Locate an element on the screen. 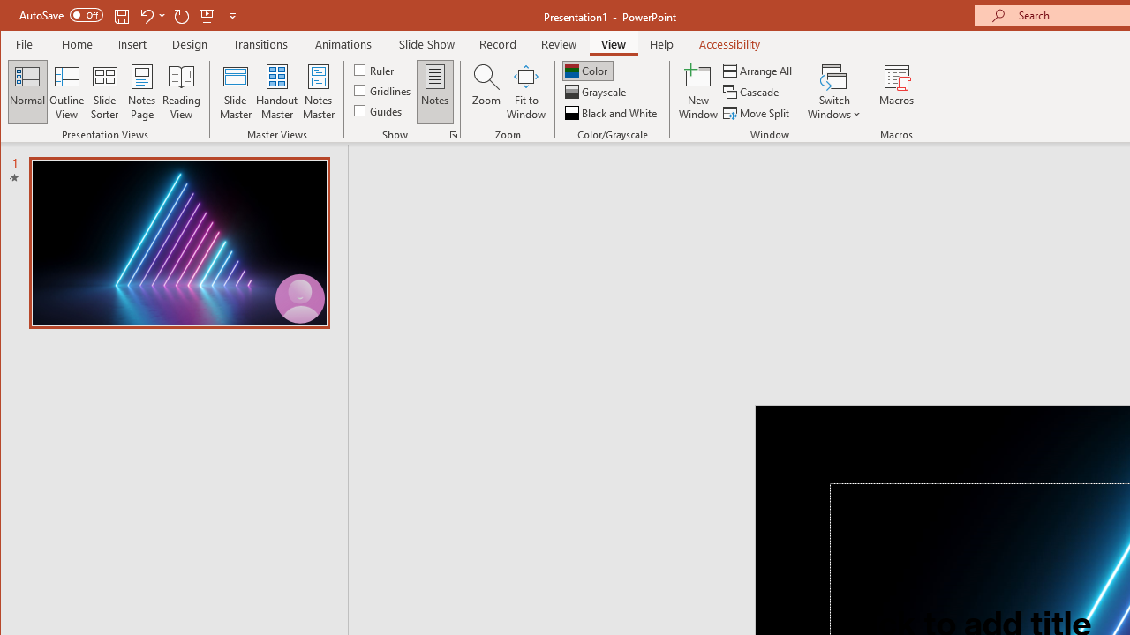 This screenshot has height=635, width=1130. 'Handout Master' is located at coordinates (276, 92).